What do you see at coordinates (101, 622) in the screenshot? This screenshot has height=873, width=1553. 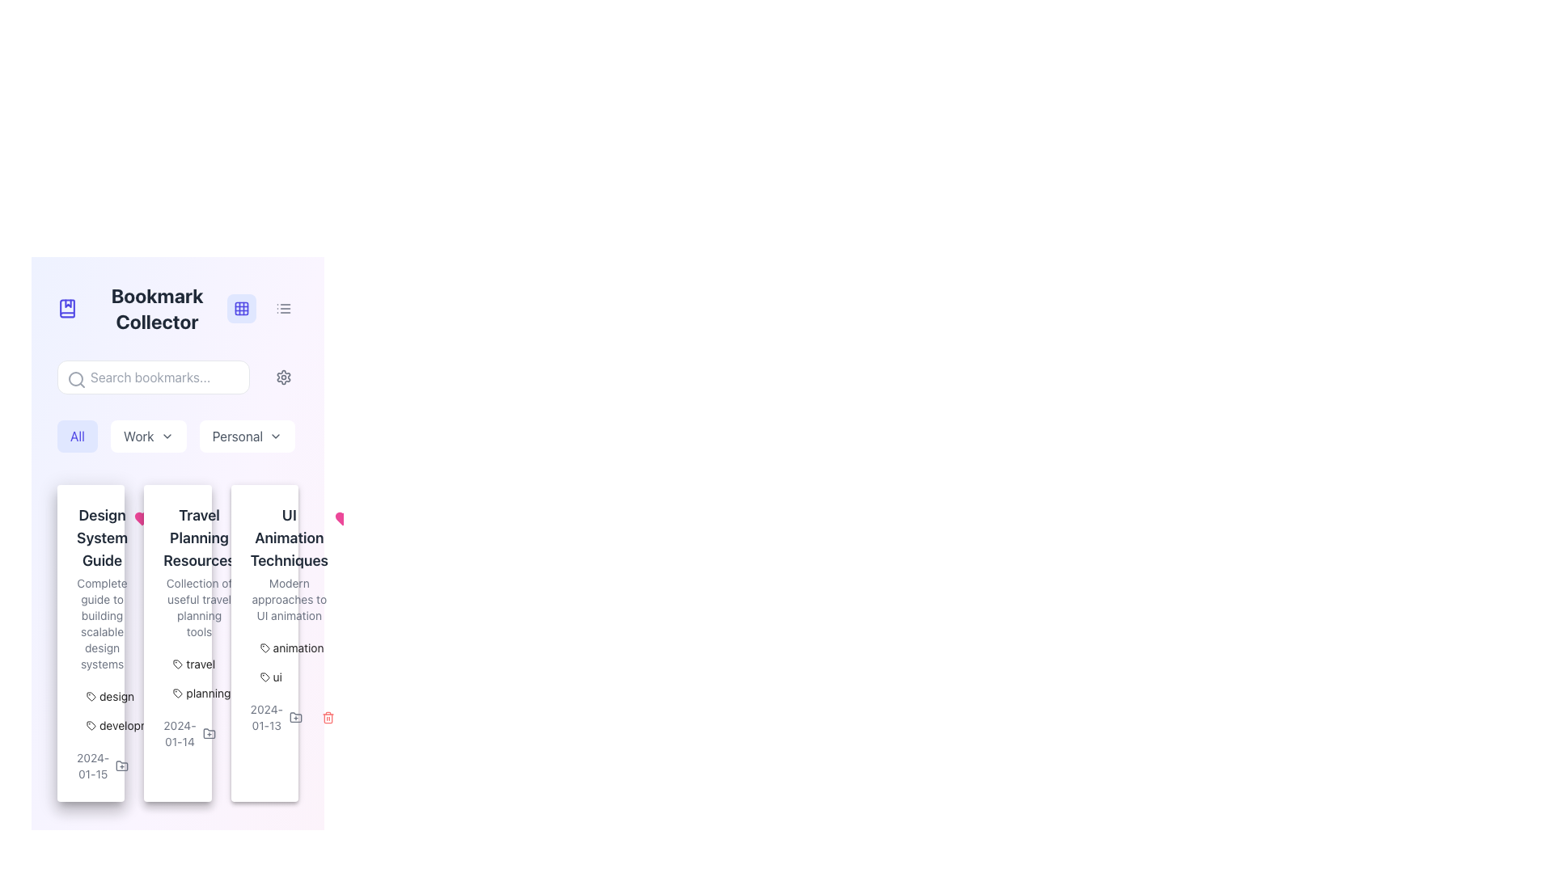 I see `the text block displaying 'Complete guide to building scalable design systems', which is located directly below the heading 'Design System Guide' in a card-like interface` at bounding box center [101, 622].